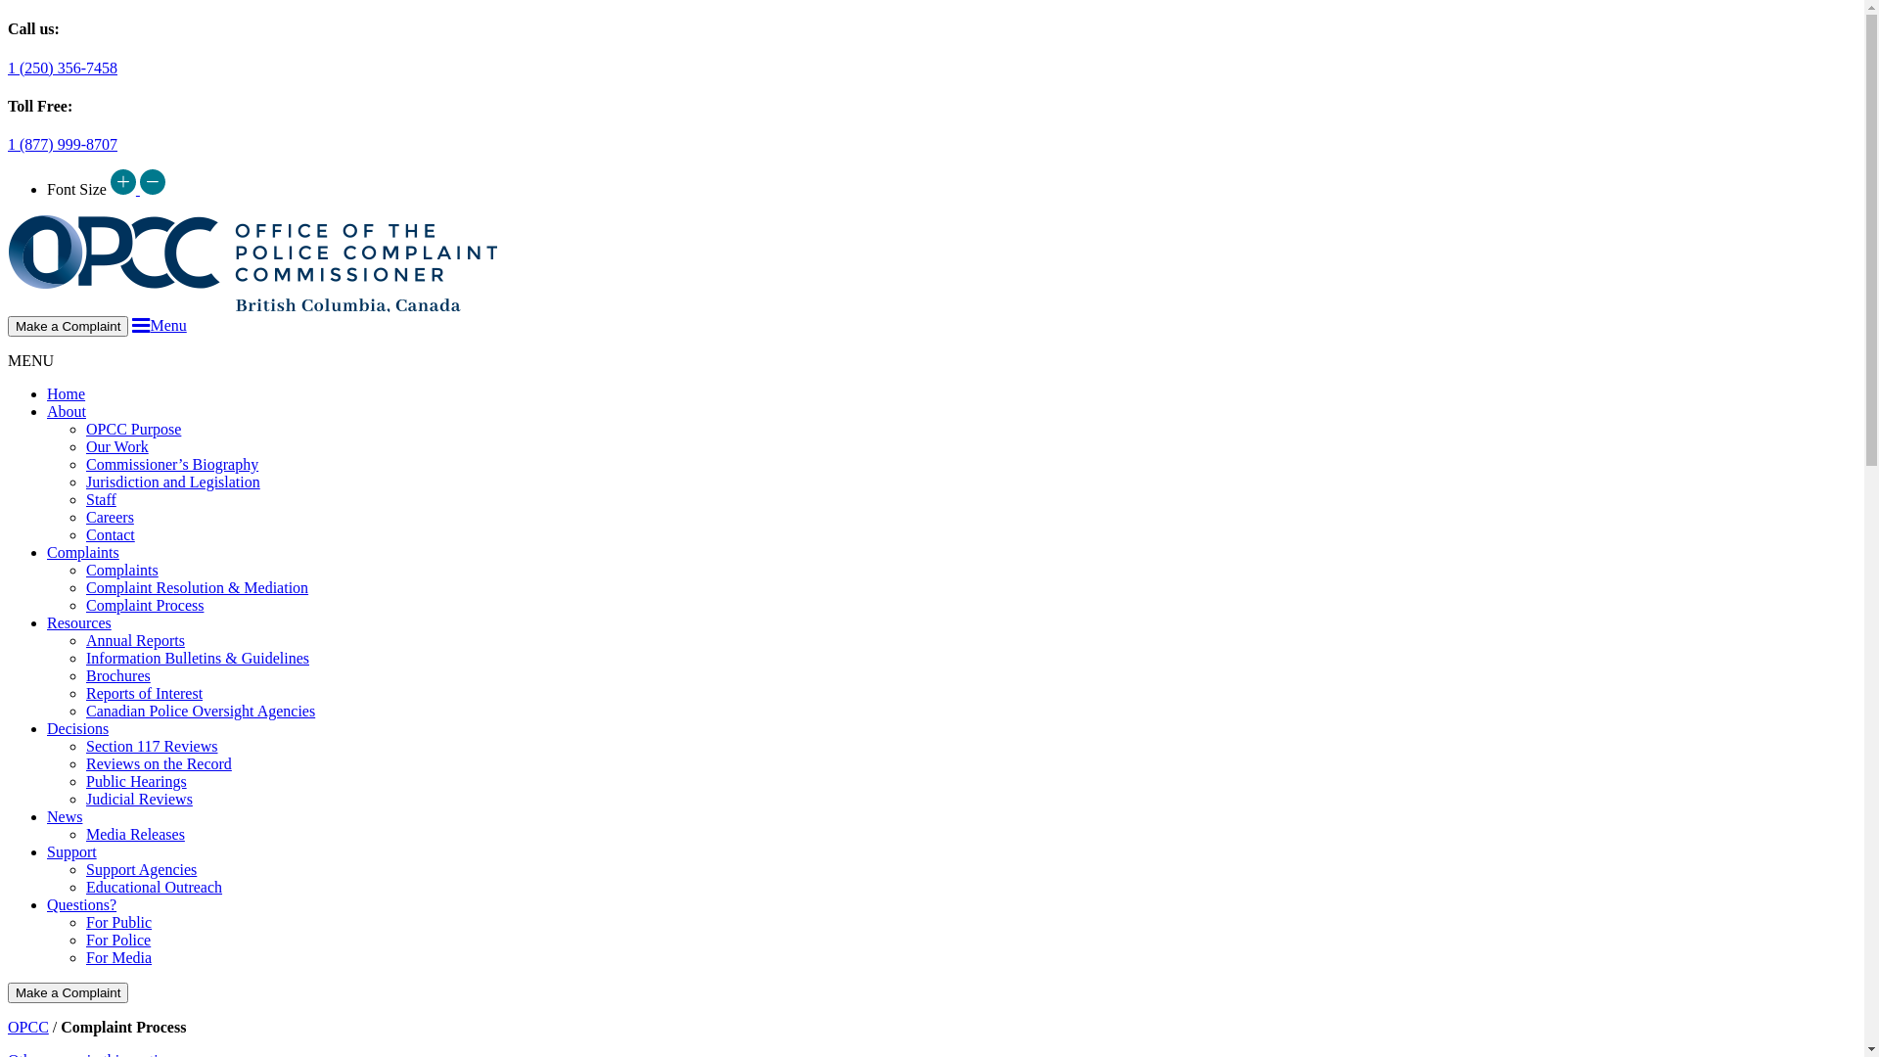 The width and height of the screenshot is (1879, 1057). Describe the element at coordinates (77, 728) in the screenshot. I see `'Decisions'` at that location.